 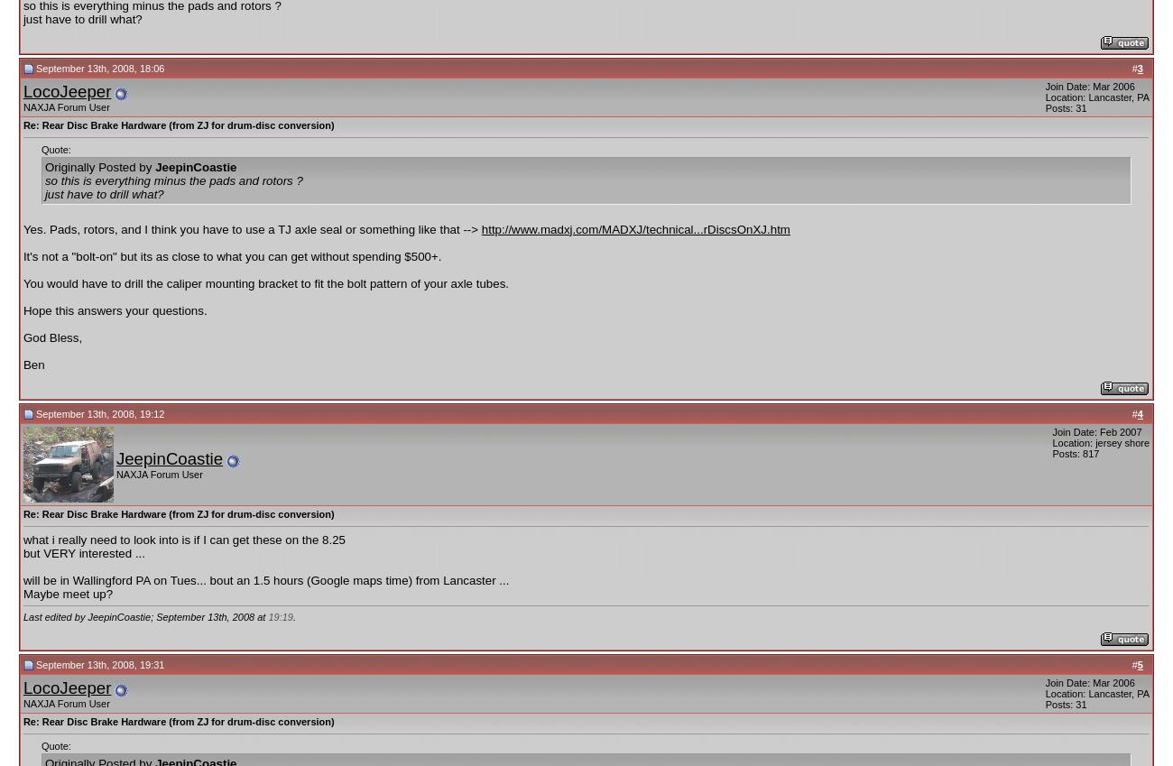 I want to click on 'Location: jersey shore', so click(x=1051, y=441).